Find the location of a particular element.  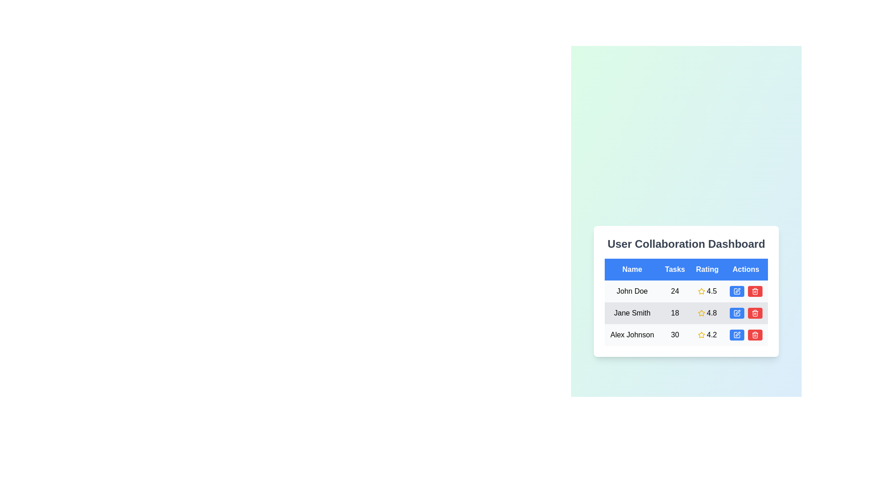

the numeric rating '4.5' and star icon pair in the 'Rating' column of the first row in the user collaboration dashboard, which is visually represented with a yellow outlined star icon and white background is located at coordinates (707, 291).